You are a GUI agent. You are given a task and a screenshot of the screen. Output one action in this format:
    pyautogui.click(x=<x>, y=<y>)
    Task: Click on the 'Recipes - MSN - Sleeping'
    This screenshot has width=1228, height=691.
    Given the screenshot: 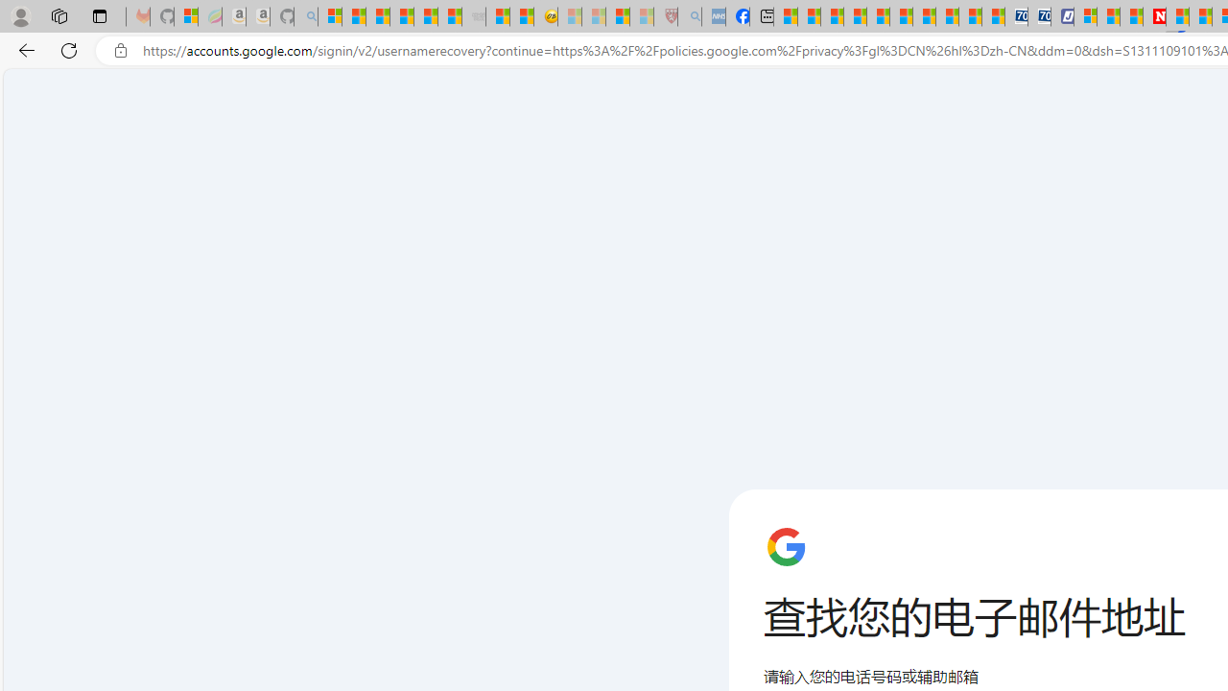 What is the action you would take?
    pyautogui.click(x=568, y=16)
    